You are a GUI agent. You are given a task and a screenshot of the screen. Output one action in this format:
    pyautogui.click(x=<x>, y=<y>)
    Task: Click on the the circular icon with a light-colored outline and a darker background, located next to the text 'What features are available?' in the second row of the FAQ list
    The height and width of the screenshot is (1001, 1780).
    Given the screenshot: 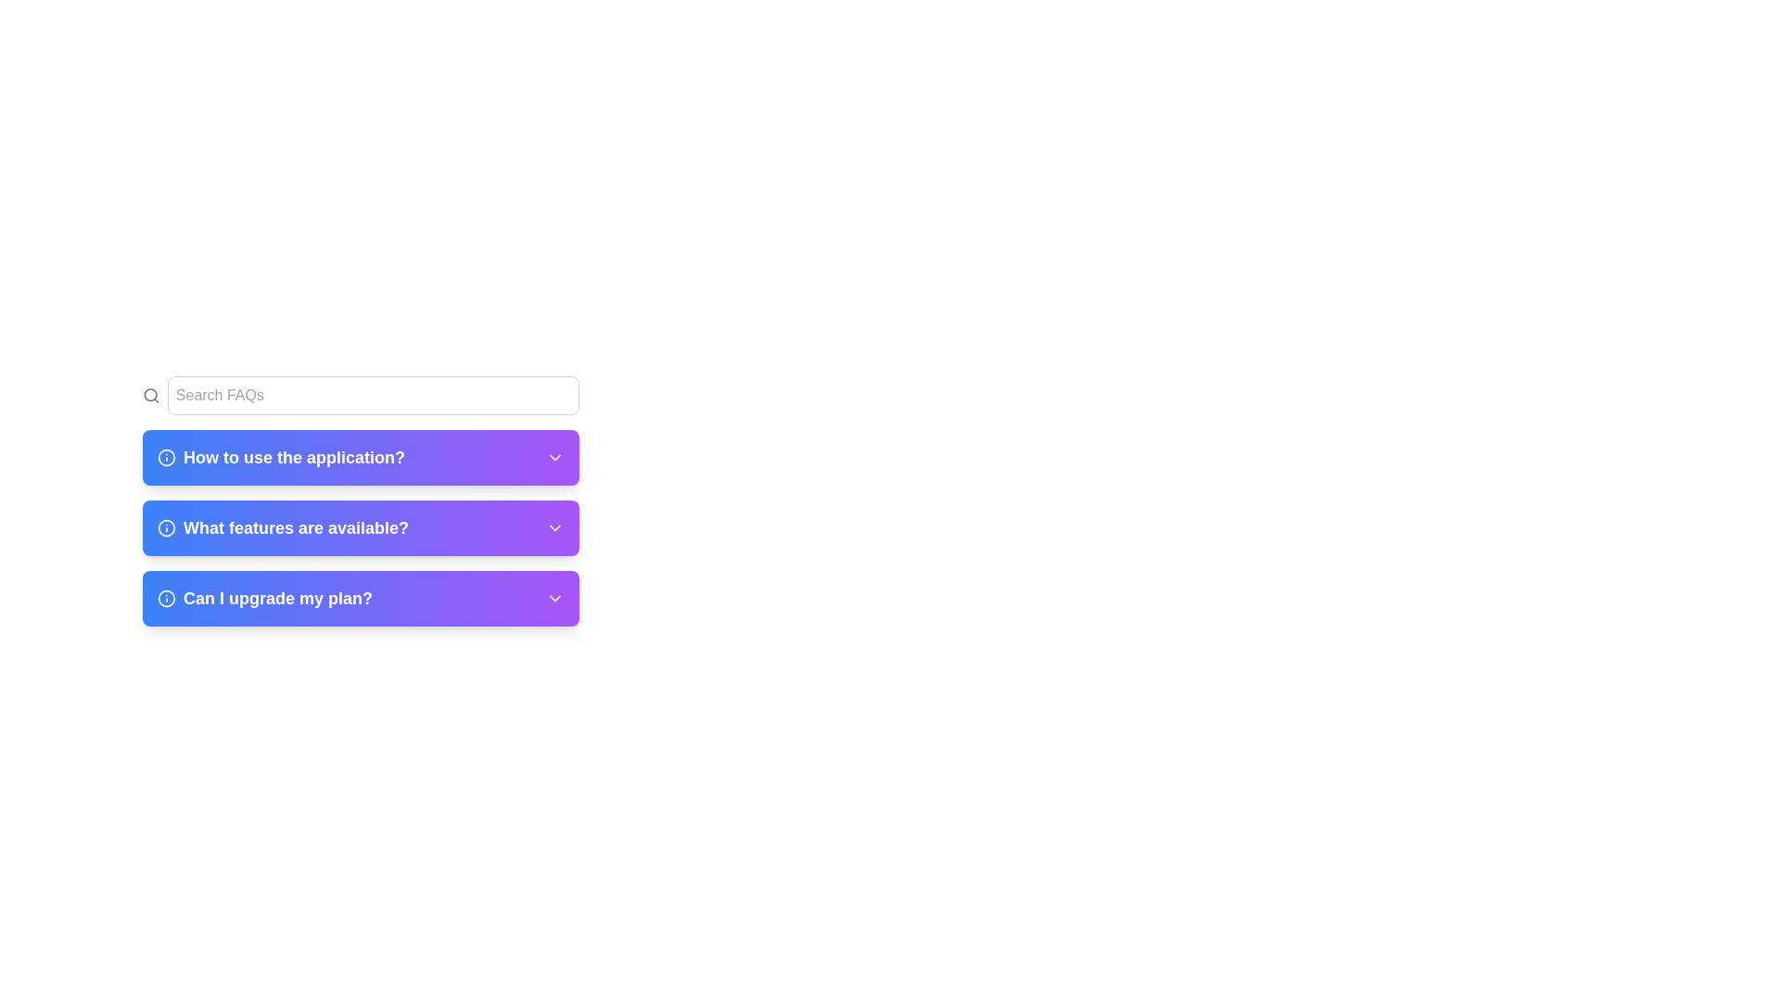 What is the action you would take?
    pyautogui.click(x=167, y=528)
    